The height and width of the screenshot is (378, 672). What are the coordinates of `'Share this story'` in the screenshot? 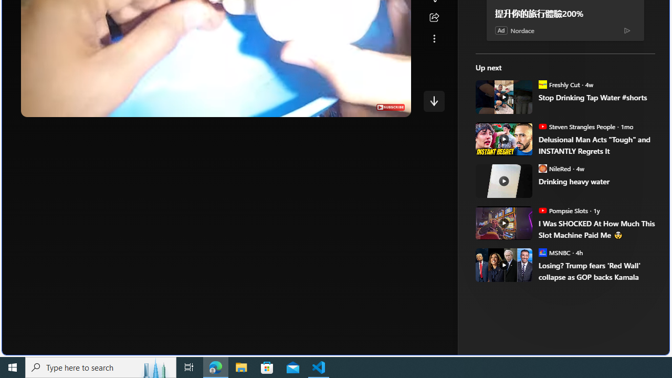 It's located at (434, 17).